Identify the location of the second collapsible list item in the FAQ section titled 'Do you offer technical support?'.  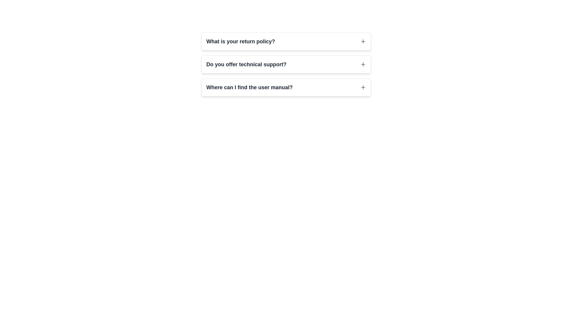
(286, 64).